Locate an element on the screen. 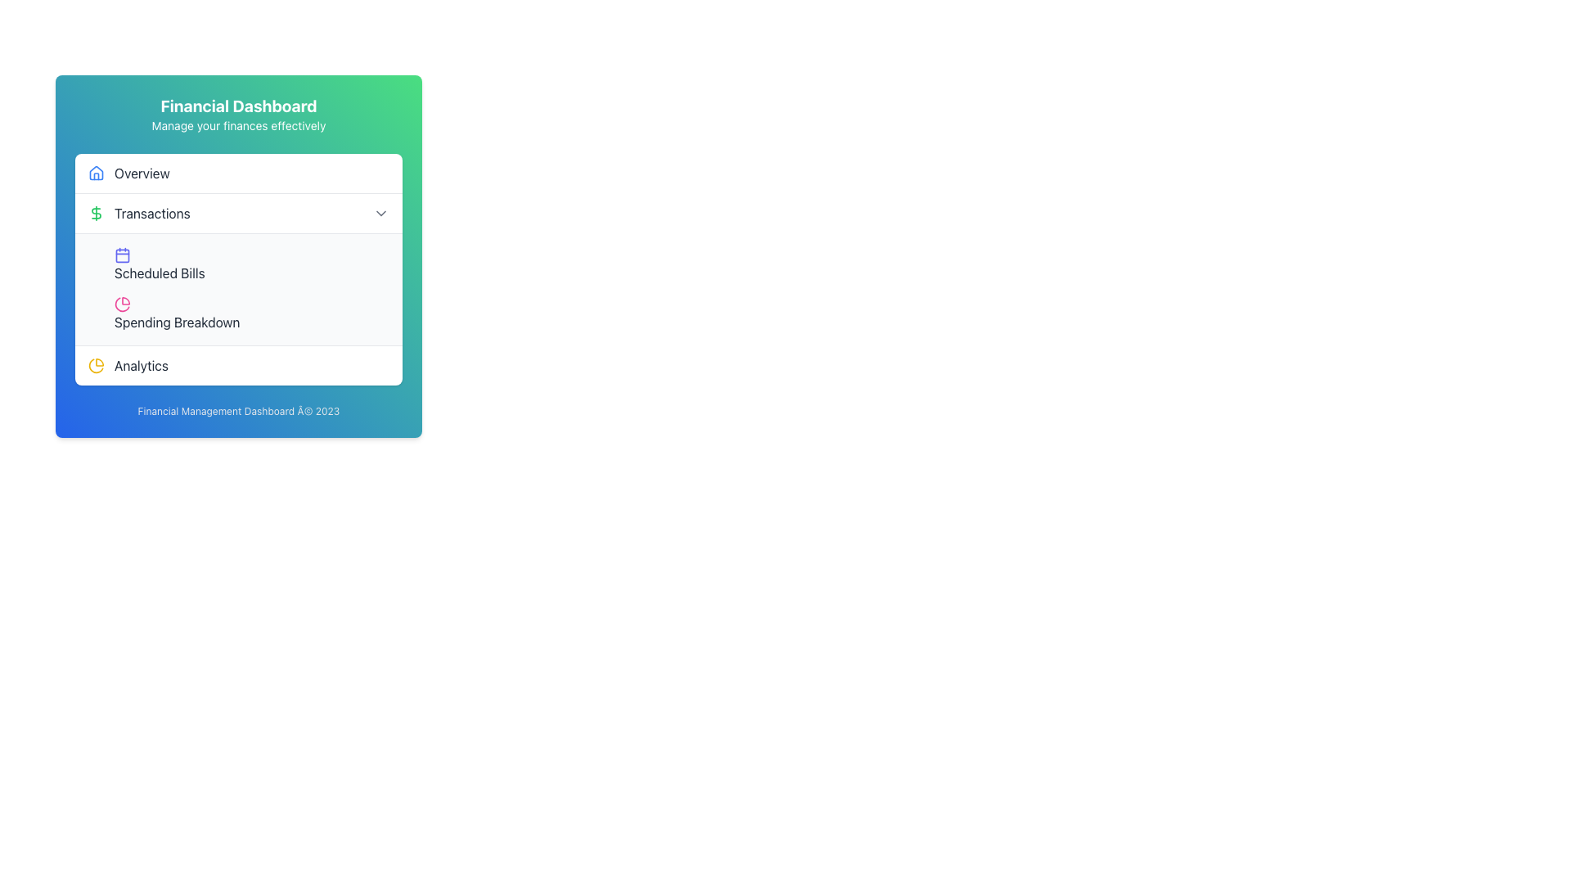 The image size is (1571, 884). the 'Analytics' icon located to the left of the text 'Analytics' in the lower section of the dashboard menu is located at coordinates (96, 365).